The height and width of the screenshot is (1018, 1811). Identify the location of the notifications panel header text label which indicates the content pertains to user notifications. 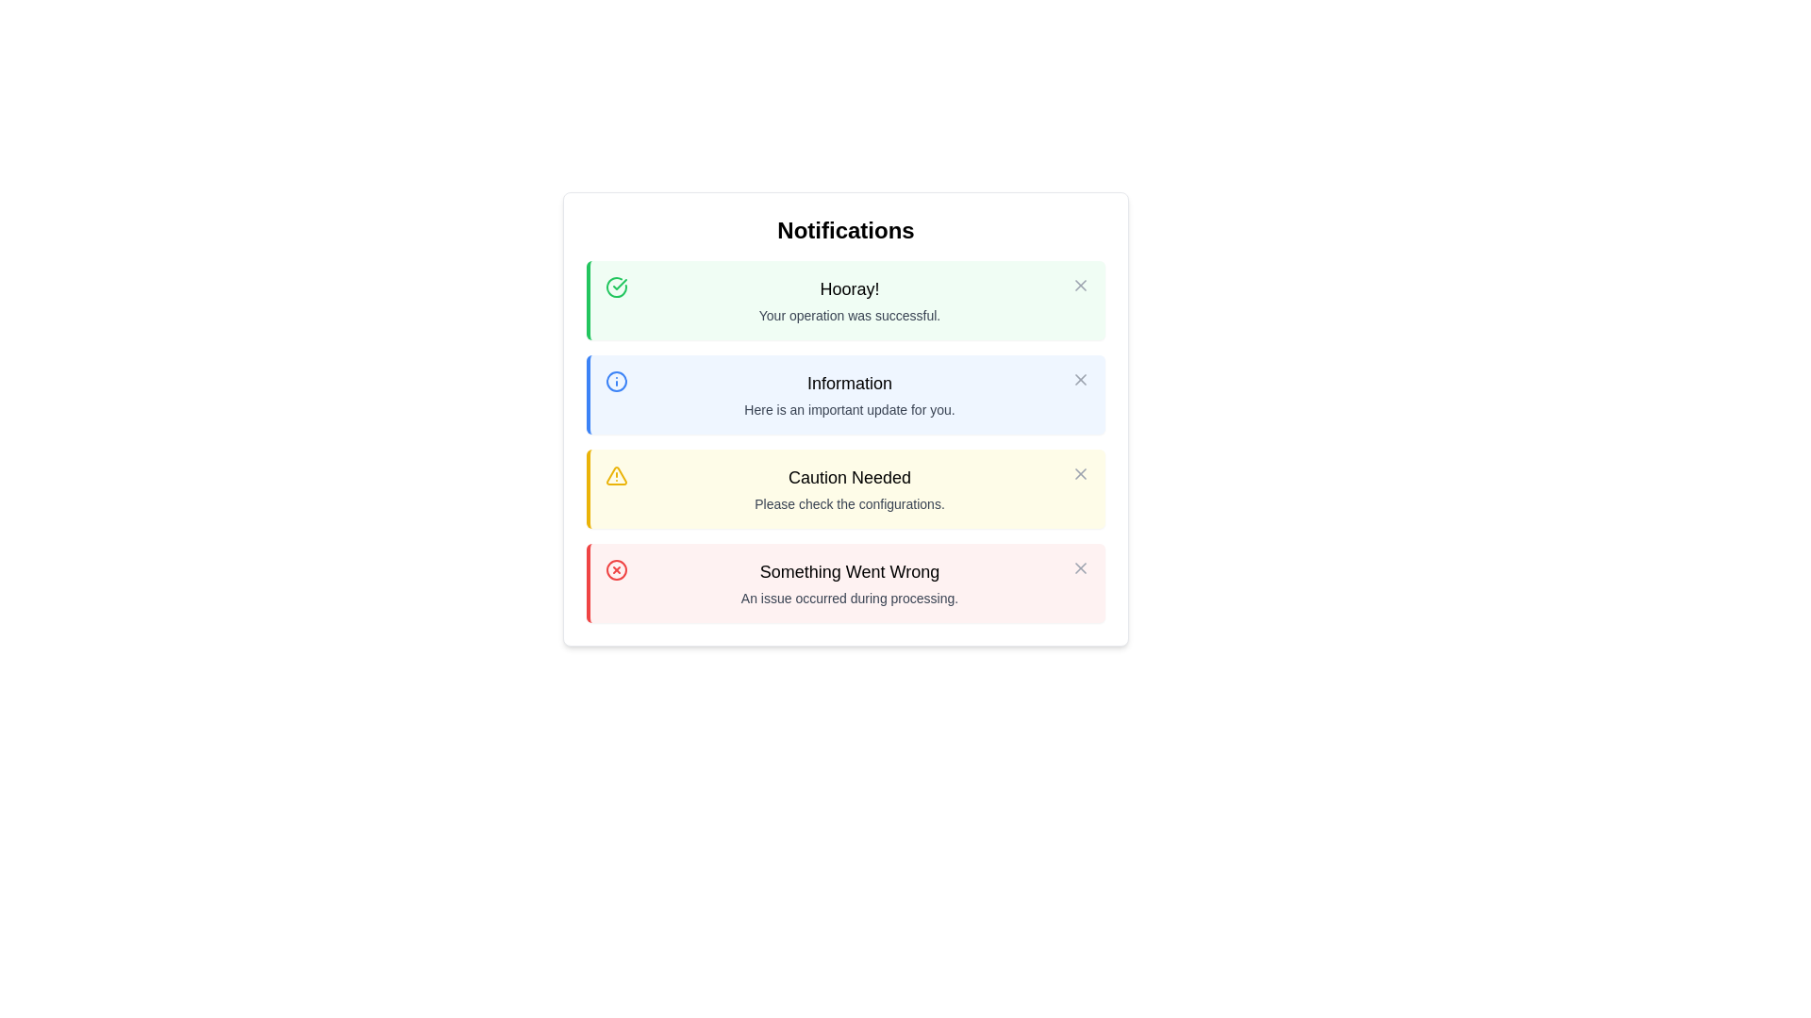
(845, 230).